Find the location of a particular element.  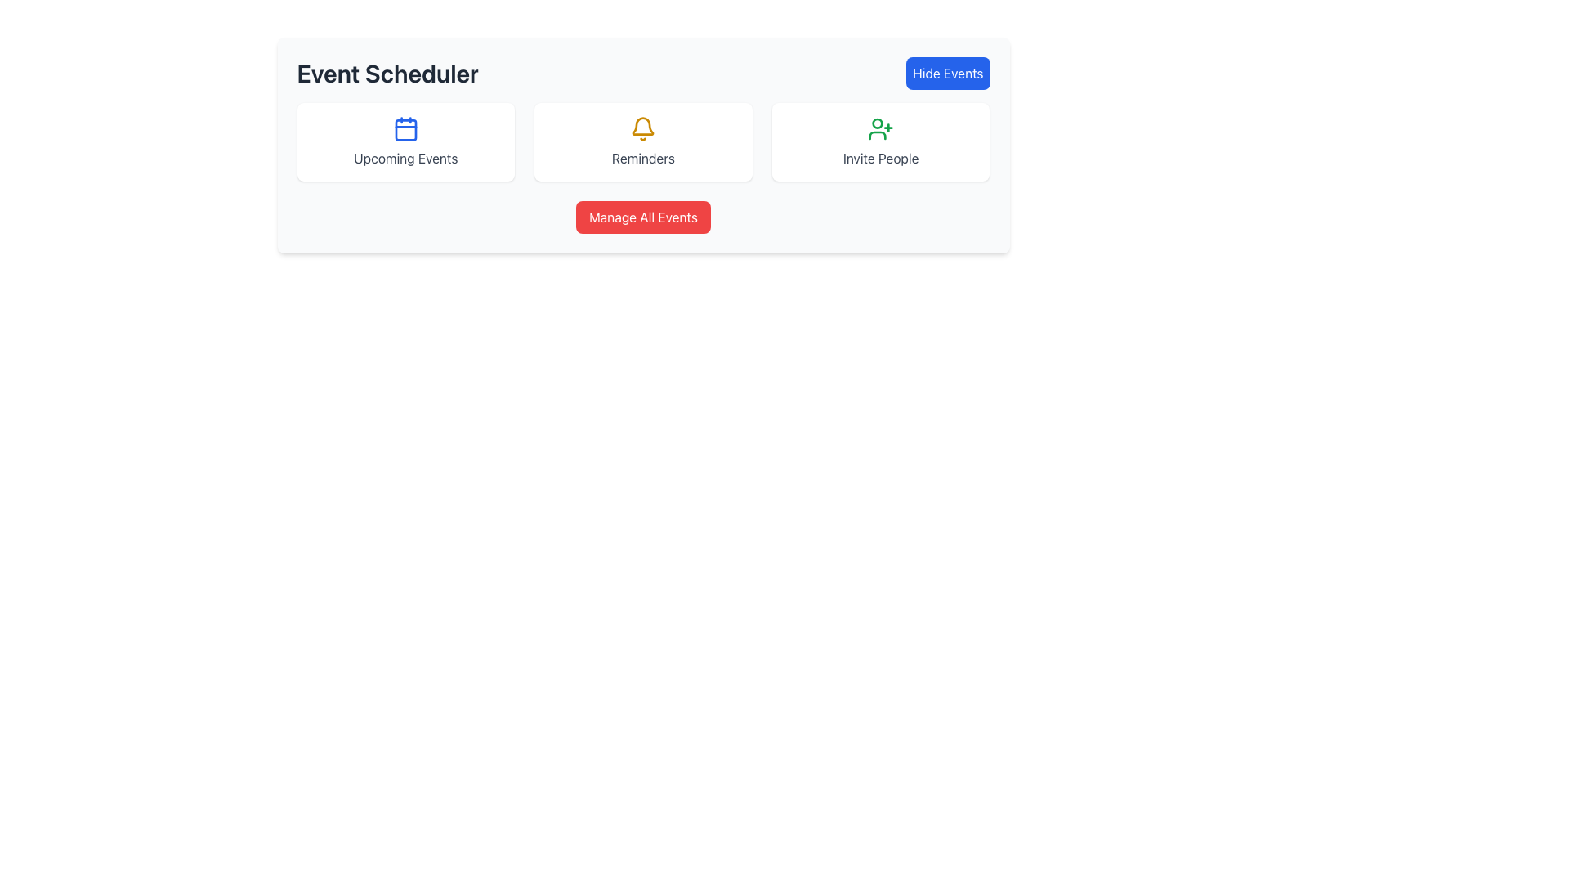

the 'Upcoming Events' static text label located at the bottom center of the white card section indicating the functionality of the associated card is located at coordinates (405, 158).